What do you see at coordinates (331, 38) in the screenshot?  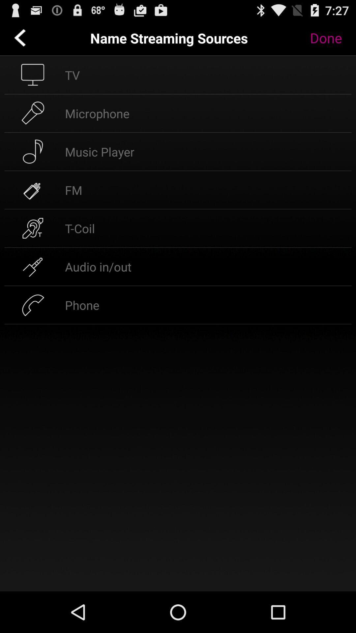 I see `done button` at bounding box center [331, 38].